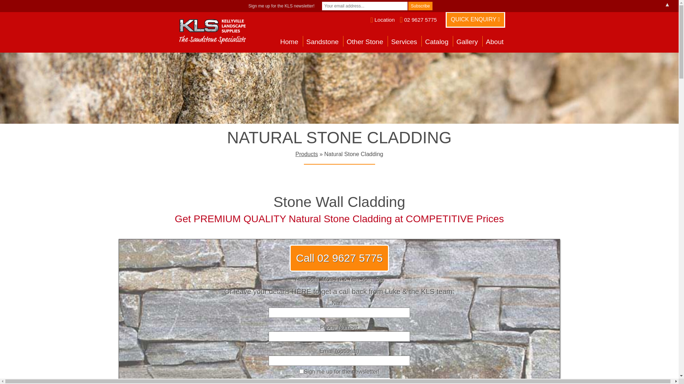  Describe the element at coordinates (467, 43) in the screenshot. I see `'Gallery'` at that location.